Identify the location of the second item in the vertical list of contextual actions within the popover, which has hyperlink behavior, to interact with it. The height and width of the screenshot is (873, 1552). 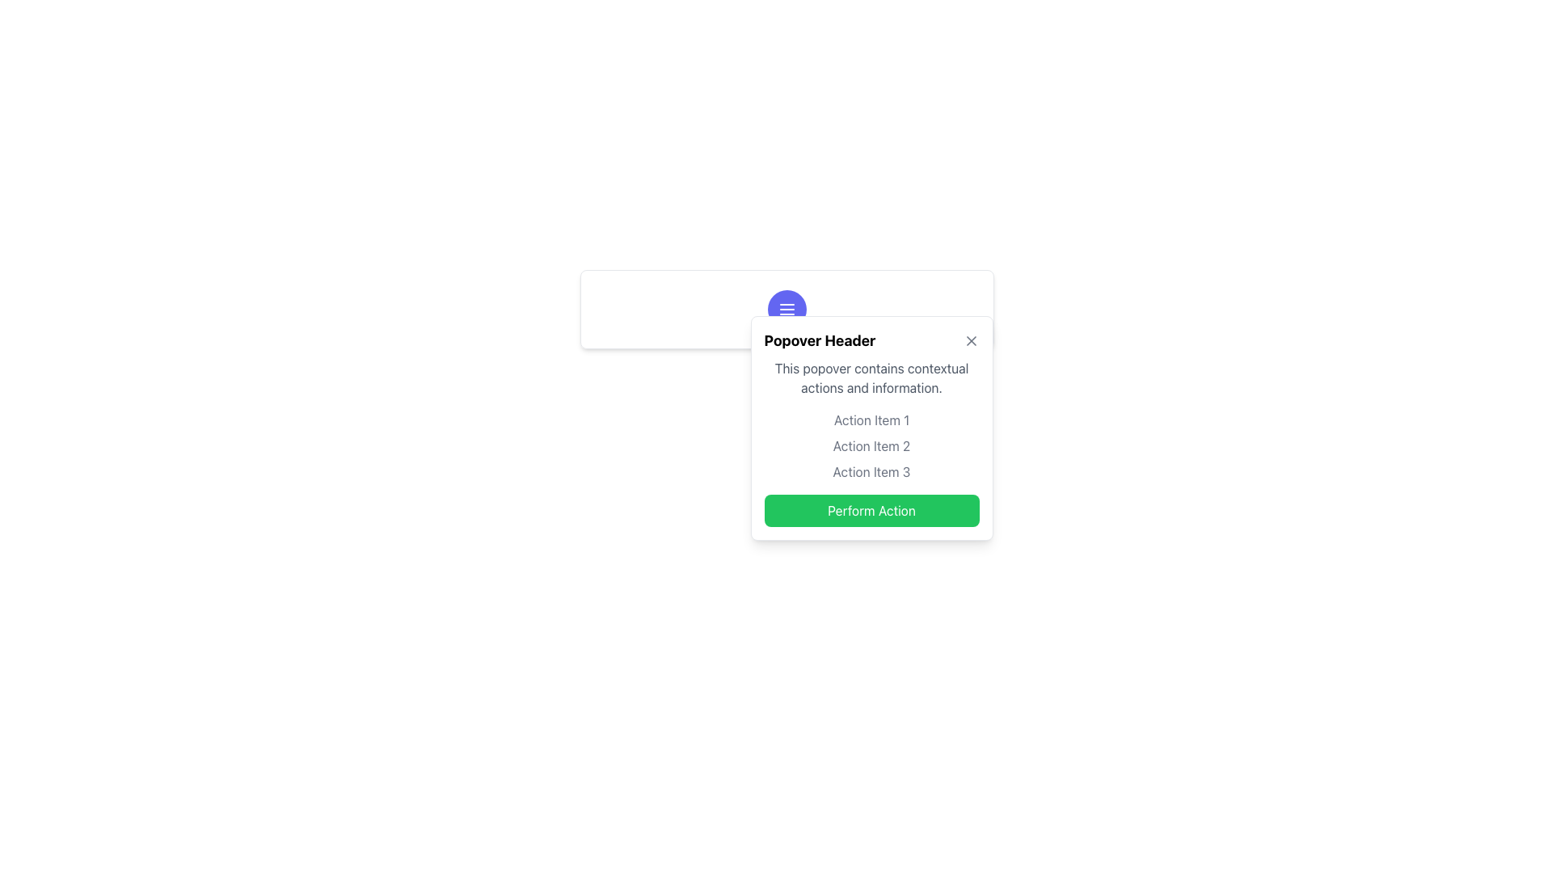
(871, 445).